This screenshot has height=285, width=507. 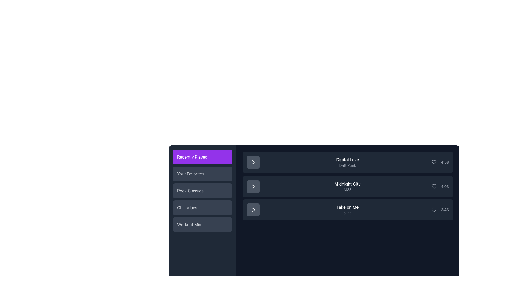 What do you see at coordinates (253, 186) in the screenshot?
I see `the play button for the track 'Midnight City' by M83, which is located within the second item in the list of tracks` at bounding box center [253, 186].